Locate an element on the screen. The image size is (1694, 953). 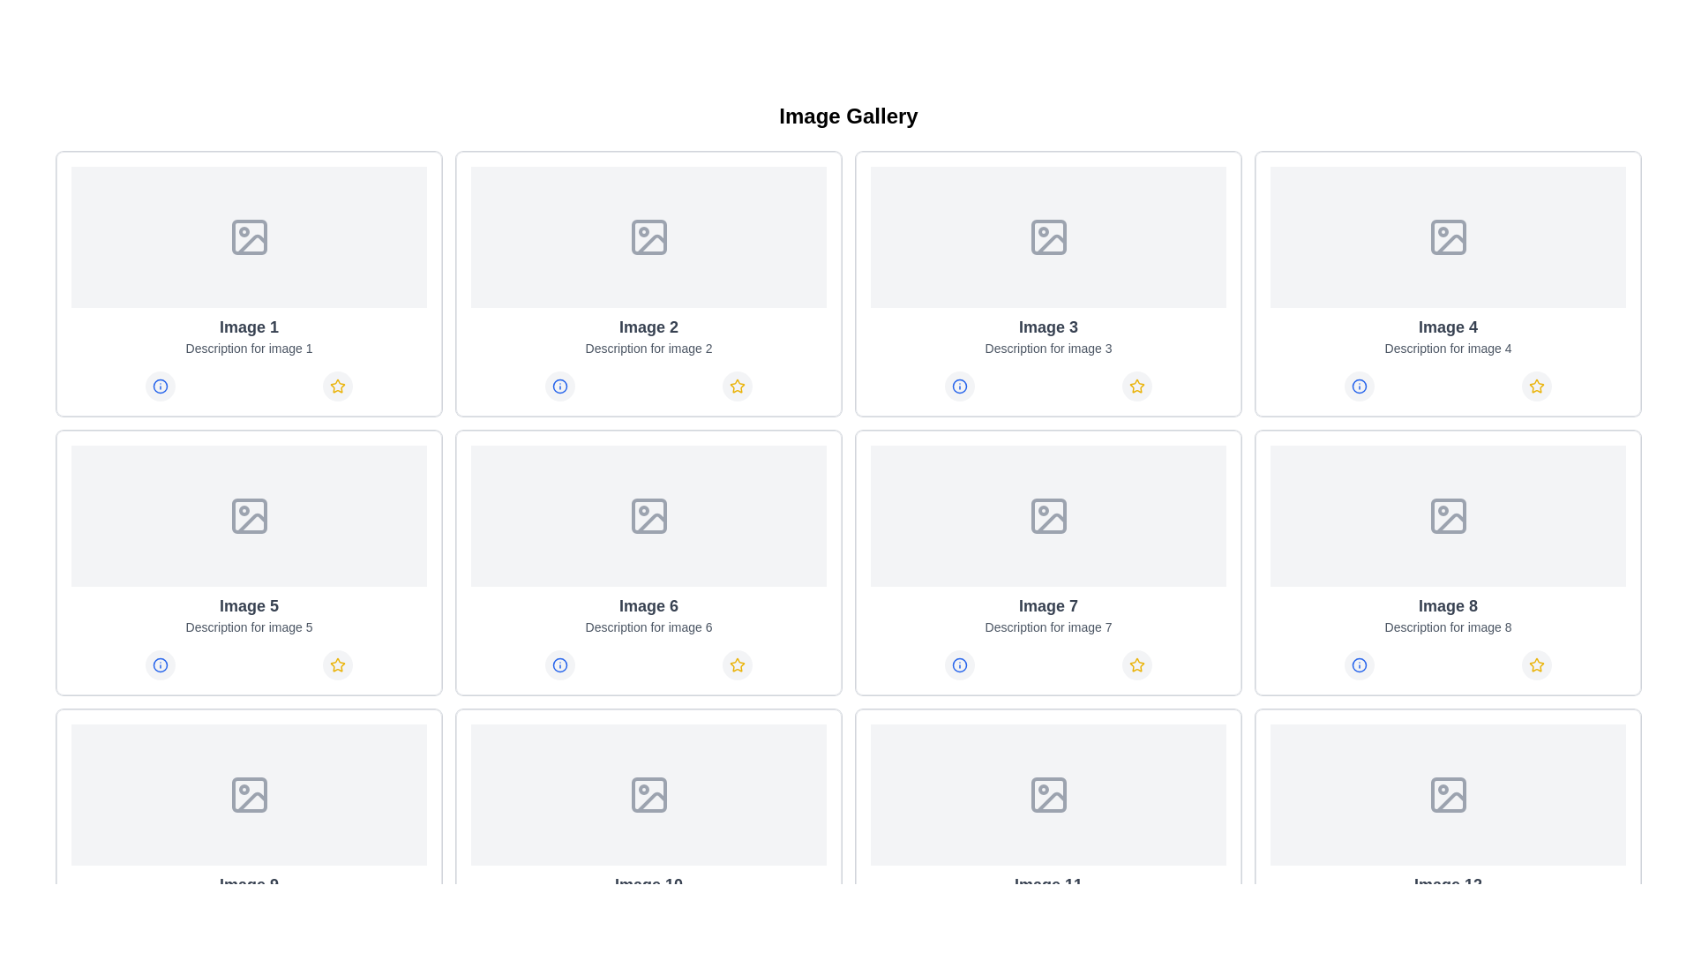
the text label located in the middle row, fourth column of the grid layout, which serves as the title for the corresponding image block is located at coordinates (1048, 604).